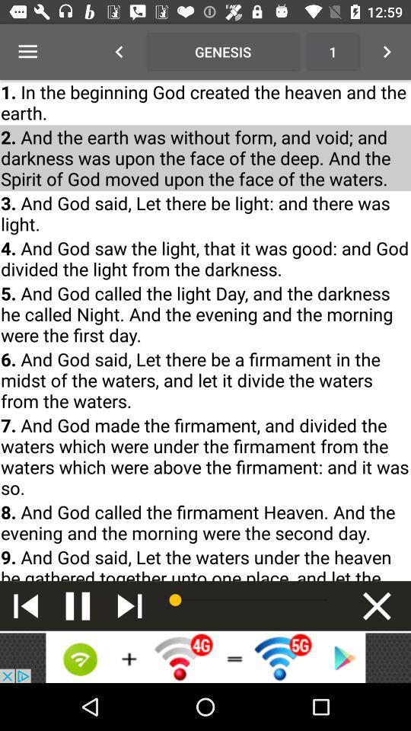 This screenshot has width=411, height=731. Describe the element at coordinates (25, 605) in the screenshot. I see `the skip_previous icon` at that location.